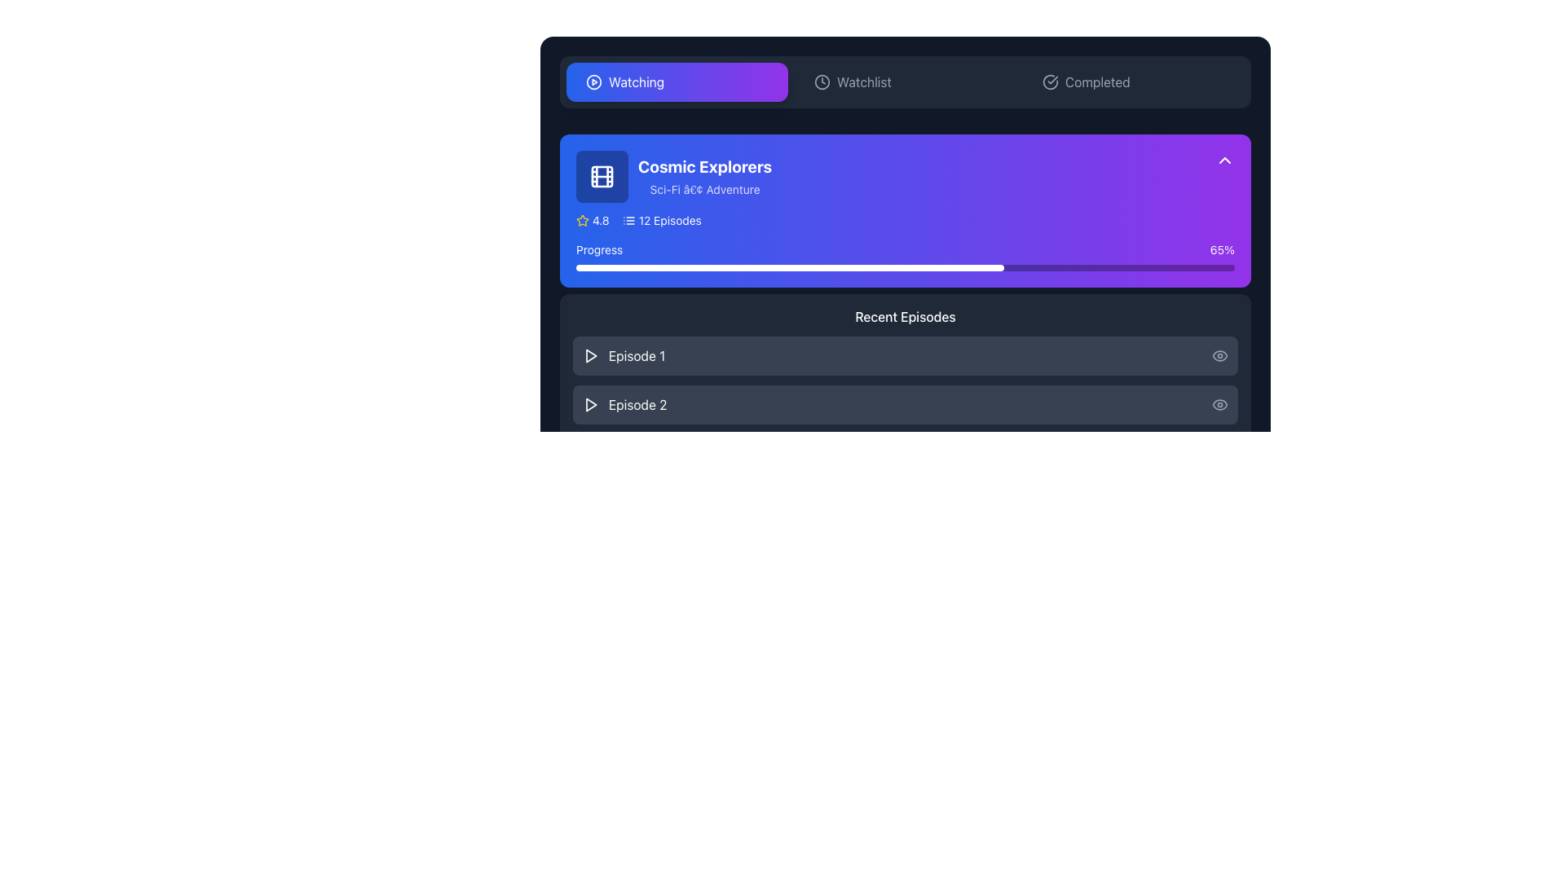  I want to click on the text label displaying the numeric value '4.8' in white text, located within the 'Cosmic Explorers' blue card, near the top-left corner, to the right of a yellow star icon, so click(600, 220).